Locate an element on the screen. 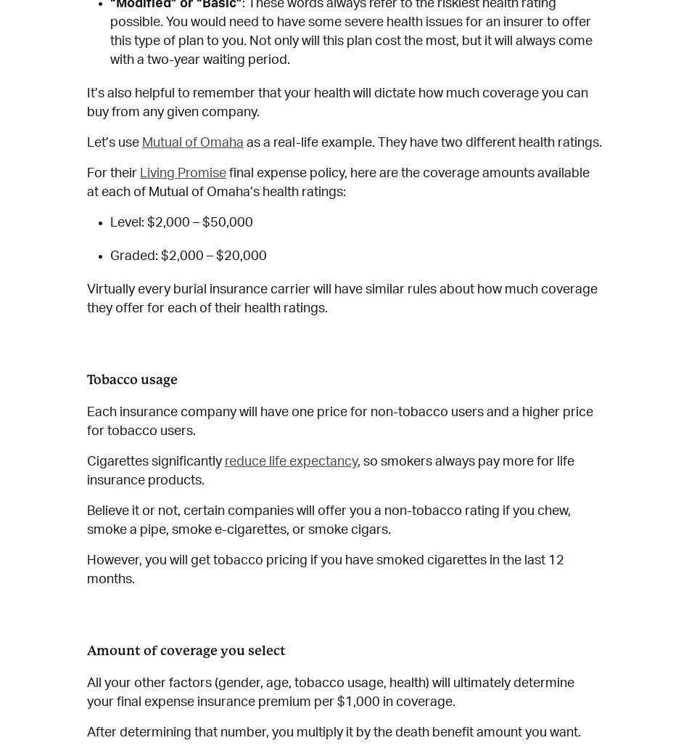 Image resolution: width=689 pixels, height=751 pixels. 'For their' is located at coordinates (113, 173).